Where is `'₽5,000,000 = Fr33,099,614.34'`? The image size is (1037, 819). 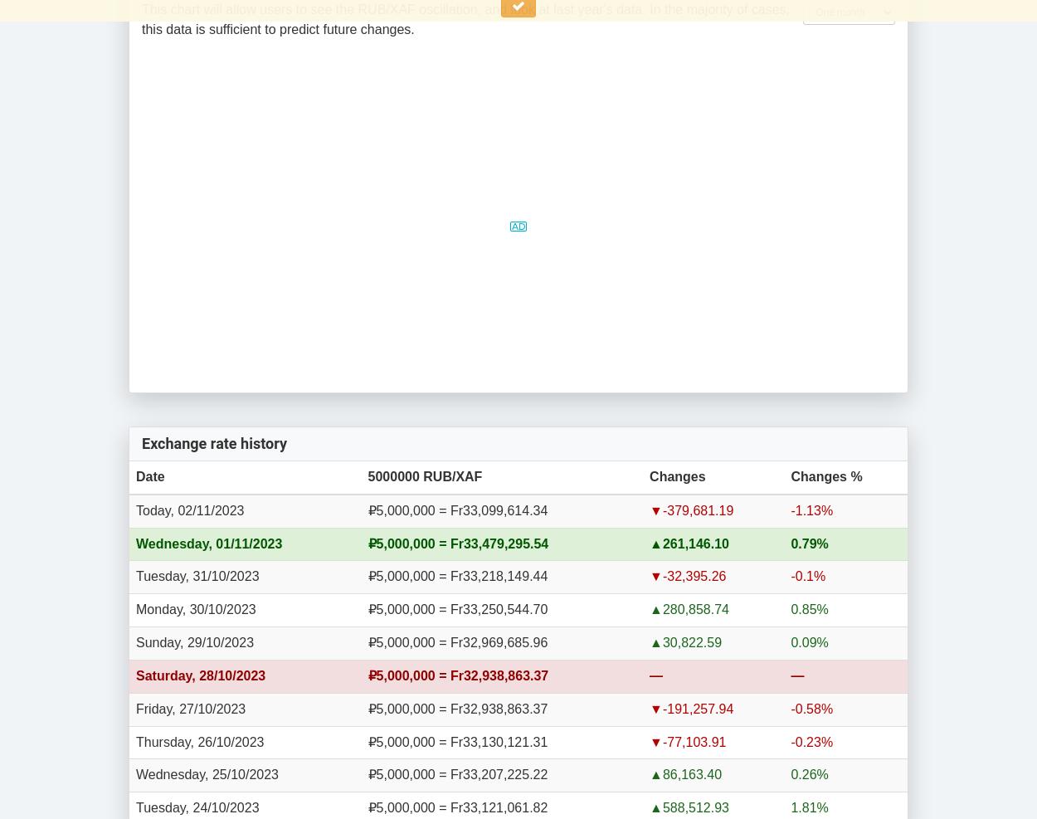 '₽5,000,000 = Fr33,099,614.34' is located at coordinates (457, 509).